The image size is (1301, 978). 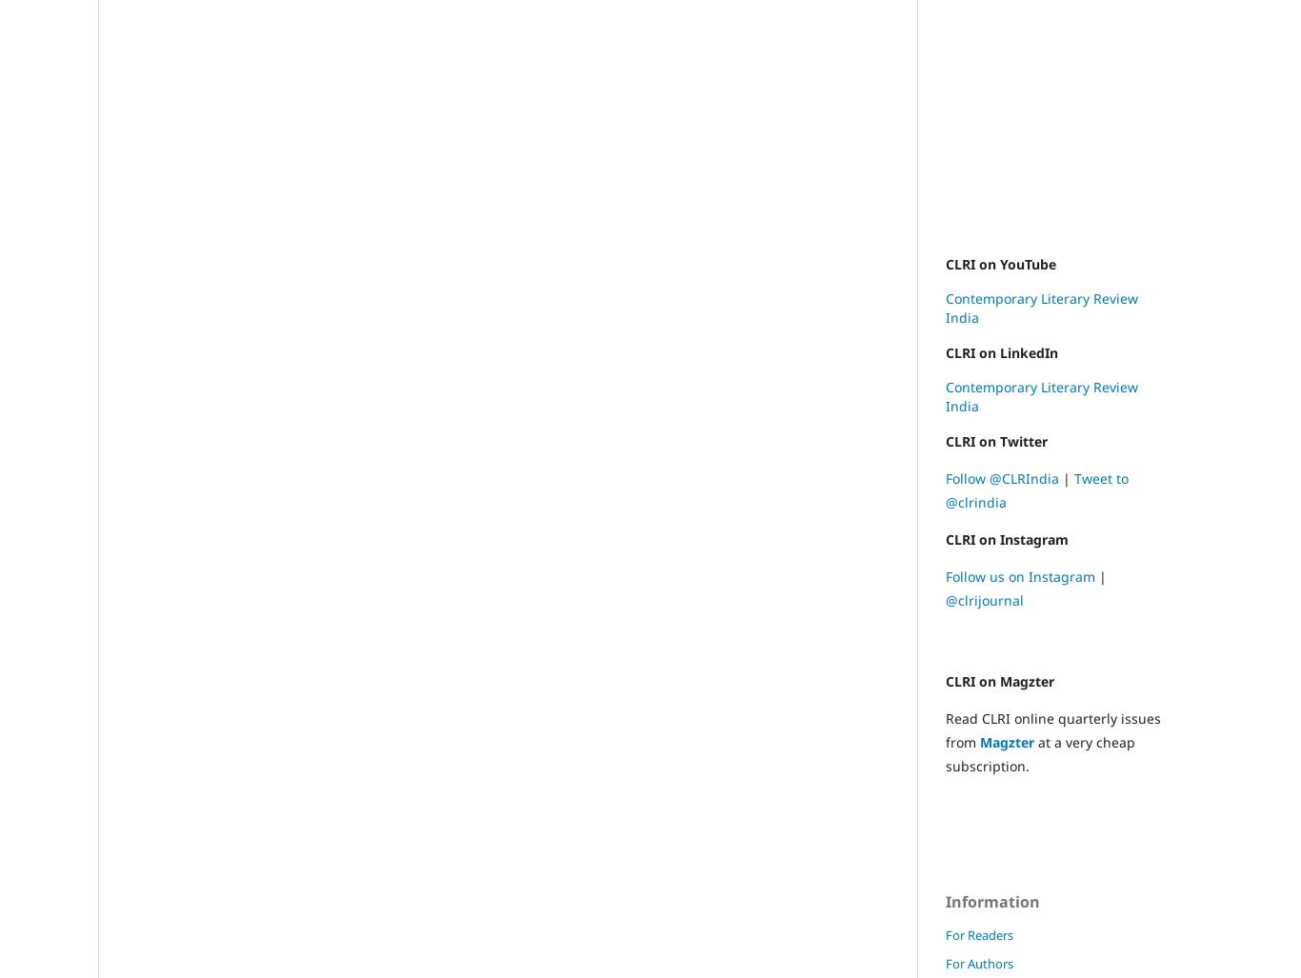 I want to click on 'CLRI on YouTube', so click(x=1000, y=264).